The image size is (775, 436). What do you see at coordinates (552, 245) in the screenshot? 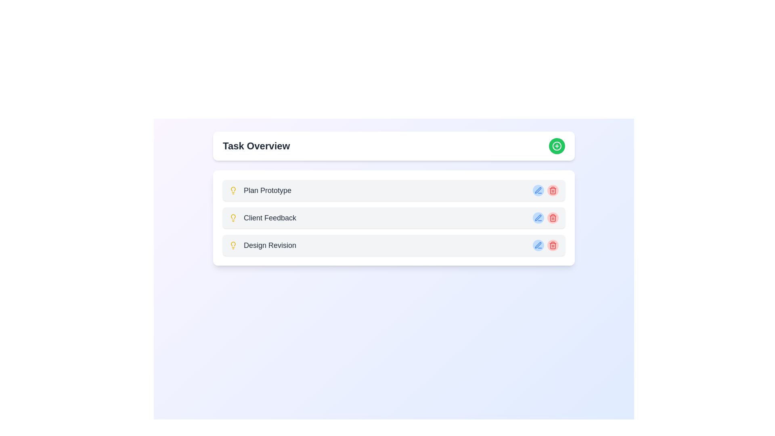
I see `the red circular button with a trash icon located in the lower right corner of the 'Design Revision' card` at bounding box center [552, 245].